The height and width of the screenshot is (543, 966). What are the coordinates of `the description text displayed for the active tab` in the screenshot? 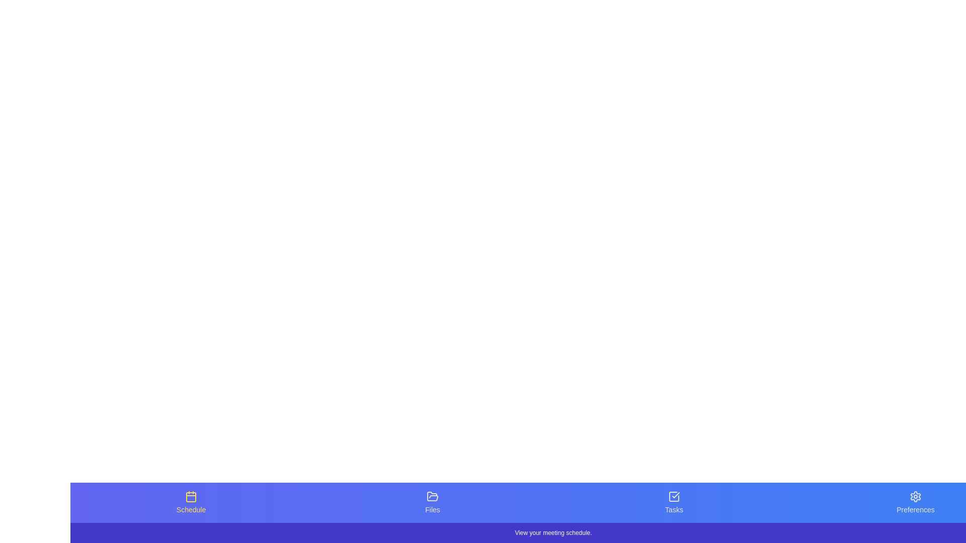 It's located at (552, 532).